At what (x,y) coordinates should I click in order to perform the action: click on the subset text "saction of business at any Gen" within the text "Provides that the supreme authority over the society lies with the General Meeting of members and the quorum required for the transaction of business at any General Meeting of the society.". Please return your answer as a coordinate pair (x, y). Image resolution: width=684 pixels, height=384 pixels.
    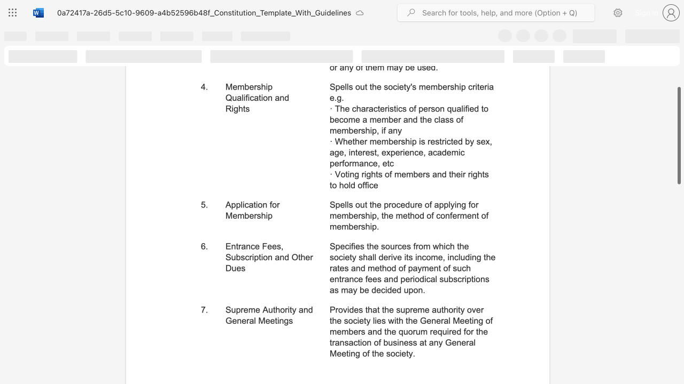
    Looking at the image, I should click on (344, 342).